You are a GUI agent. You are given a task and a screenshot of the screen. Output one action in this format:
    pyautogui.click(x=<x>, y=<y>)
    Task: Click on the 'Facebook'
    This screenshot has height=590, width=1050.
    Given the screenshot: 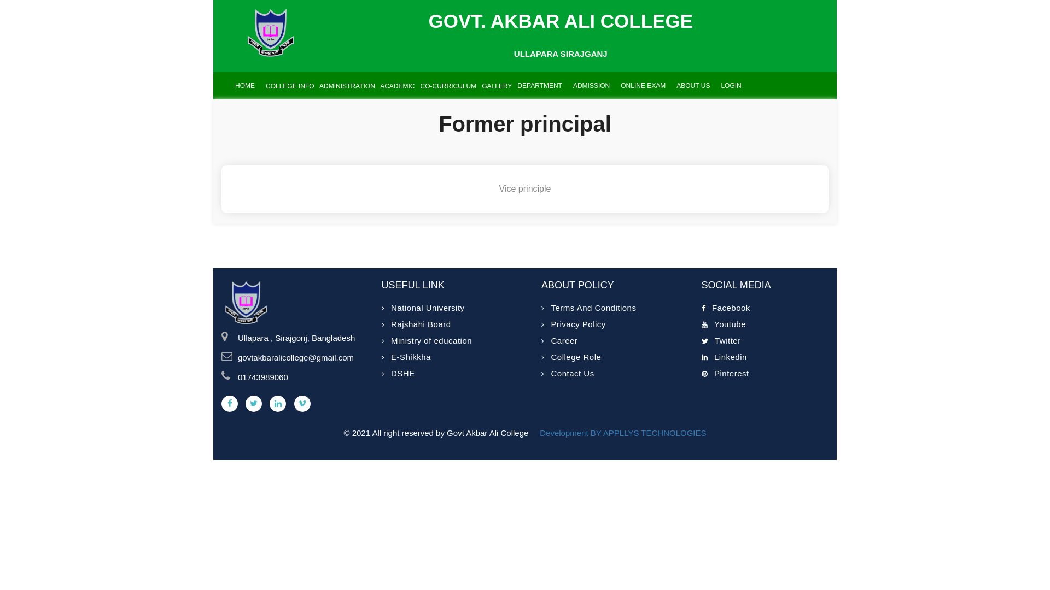 What is the action you would take?
    pyautogui.click(x=725, y=308)
    